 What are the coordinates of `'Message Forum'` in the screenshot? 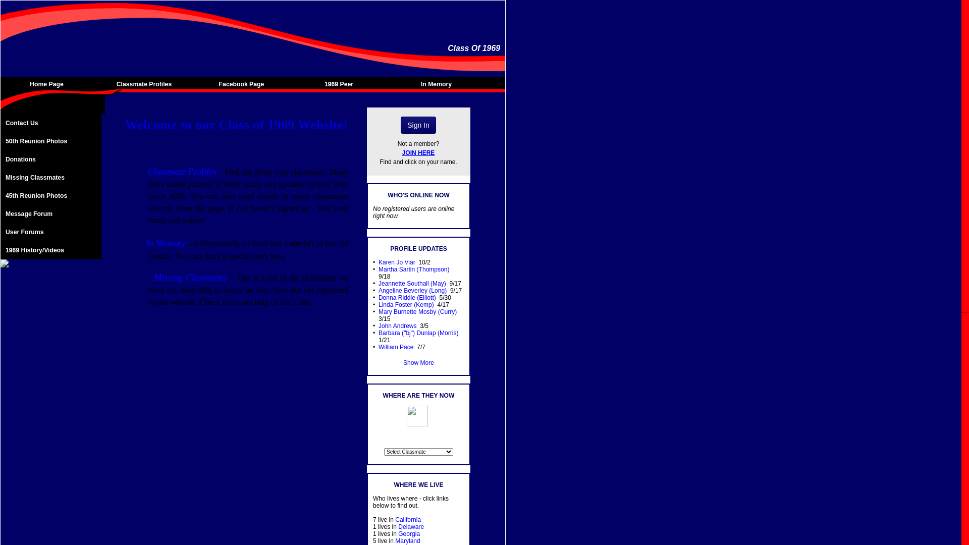 It's located at (50, 213).